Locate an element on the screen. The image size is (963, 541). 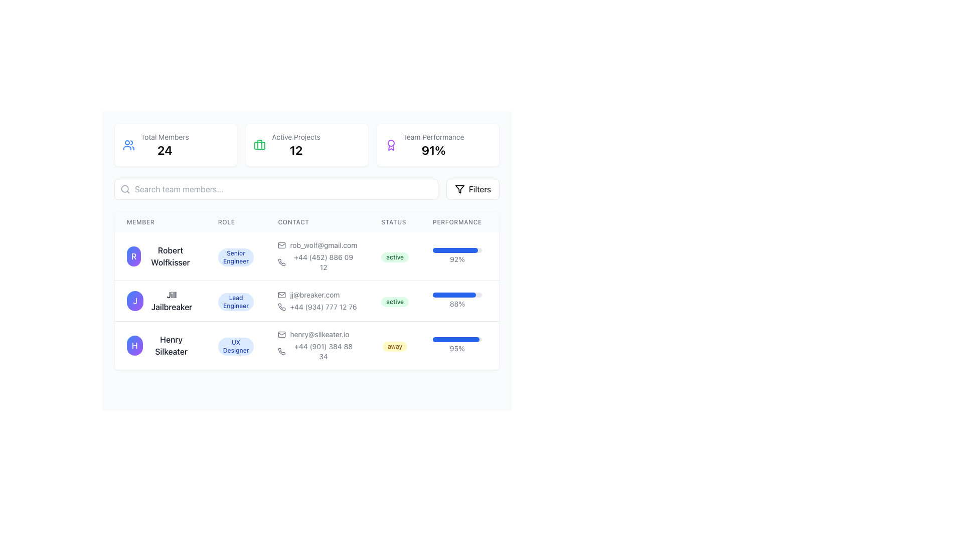
the text label displaying the name 'Robert Wolfkisser', which is located in the first row of the tabular layout, centrally within the 'Member' column, adjacent to a circular avatar is located at coordinates (171, 256).